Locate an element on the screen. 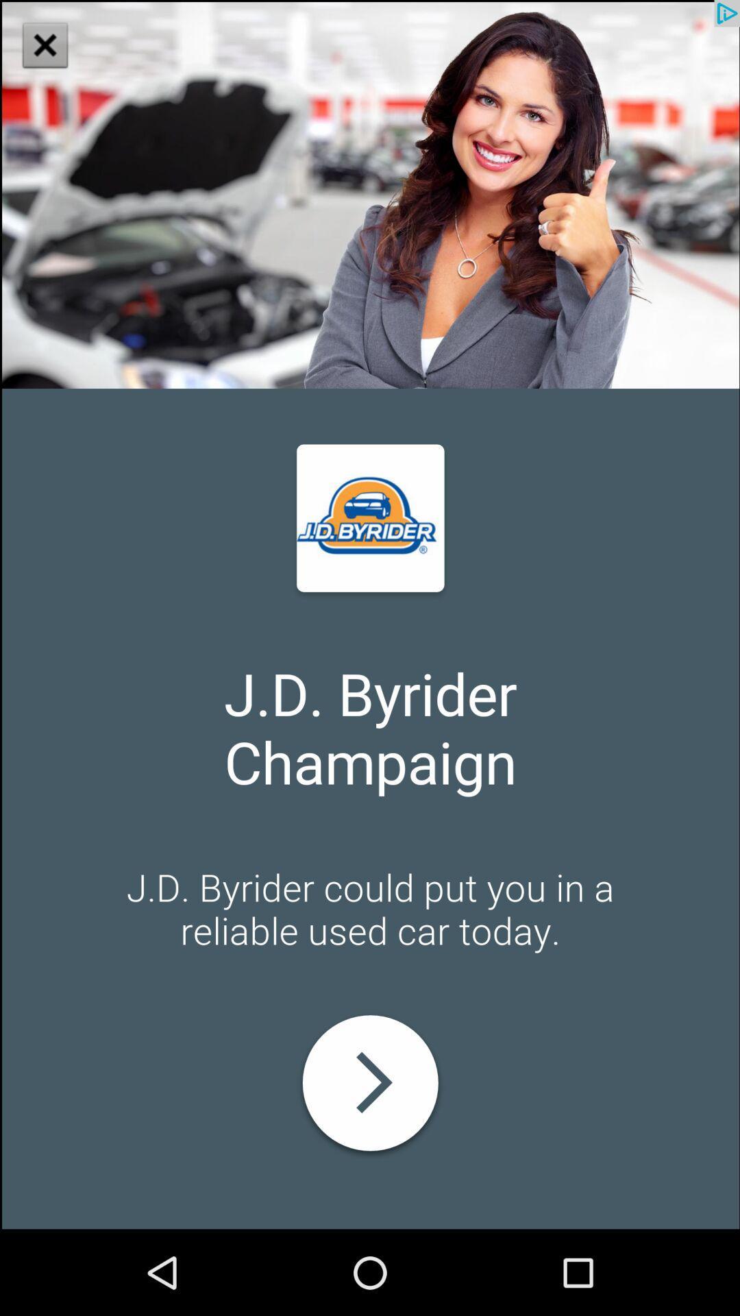 The image size is (740, 1316). the close icon is located at coordinates (44, 48).